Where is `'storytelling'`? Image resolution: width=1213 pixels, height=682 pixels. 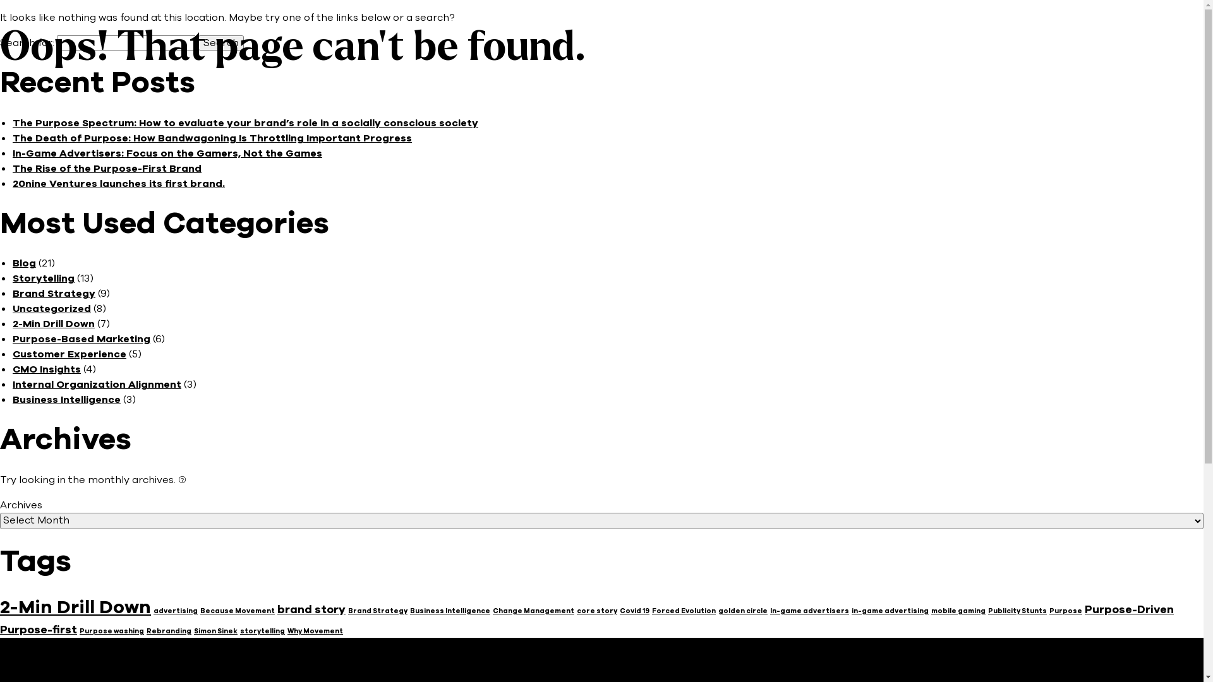
'storytelling' is located at coordinates (262, 631).